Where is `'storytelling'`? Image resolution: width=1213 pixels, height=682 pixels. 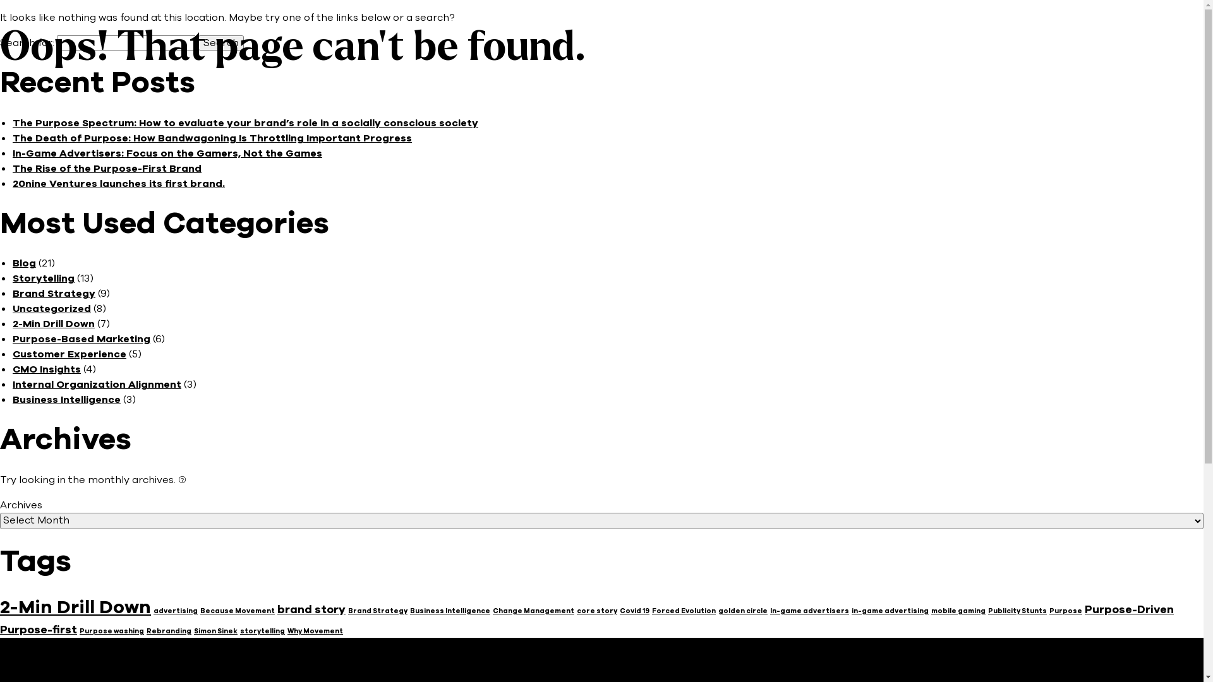
'storytelling' is located at coordinates (262, 631).